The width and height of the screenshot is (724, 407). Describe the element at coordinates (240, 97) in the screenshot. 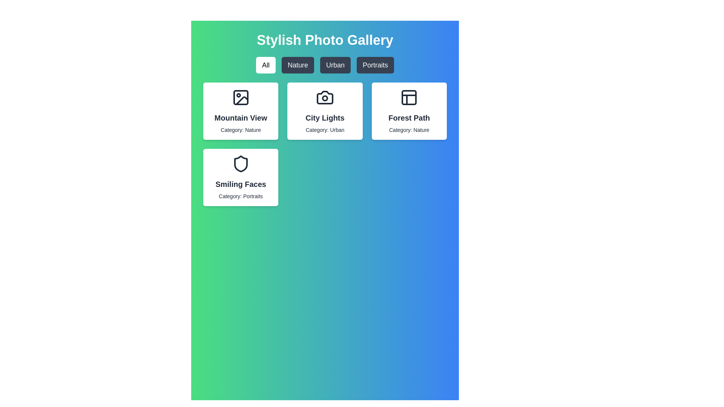

I see `the icon representing the 'Mountain View' card, which visually indicates image-related content and is located at the top-left of a grid layout with other cards` at that location.